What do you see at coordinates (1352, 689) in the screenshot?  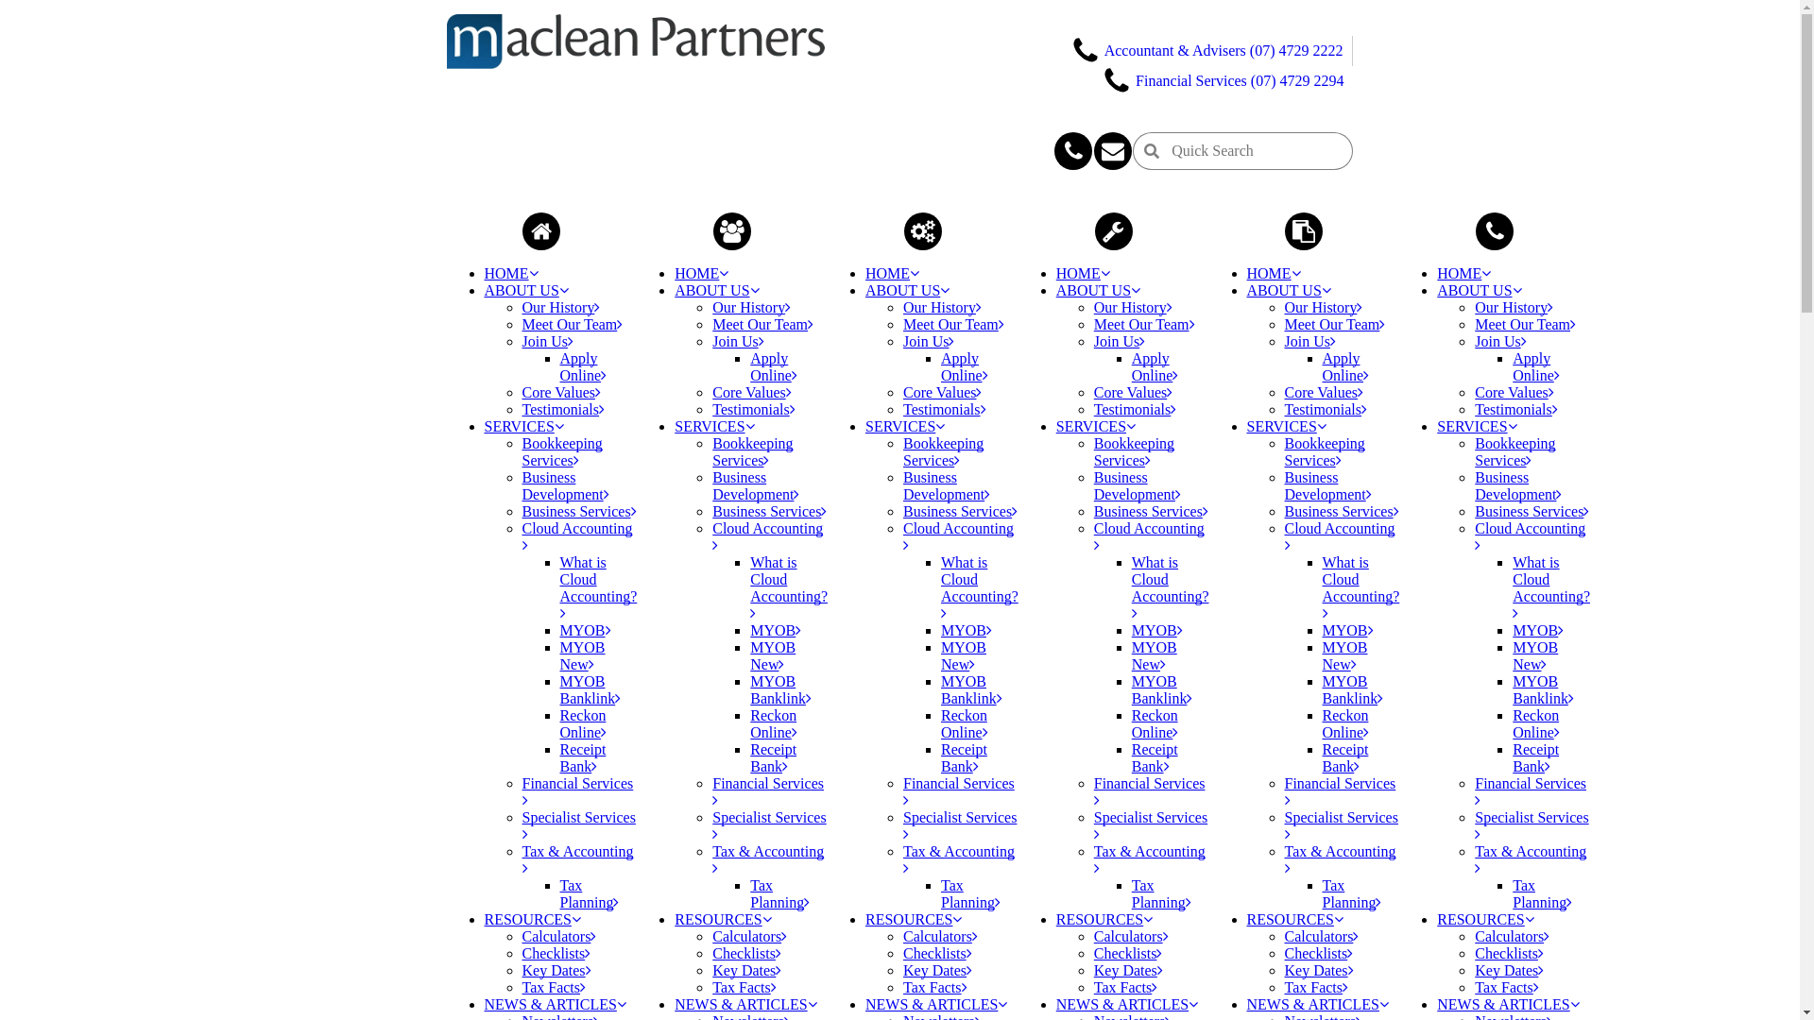 I see `'MYOB Banklink'` at bounding box center [1352, 689].